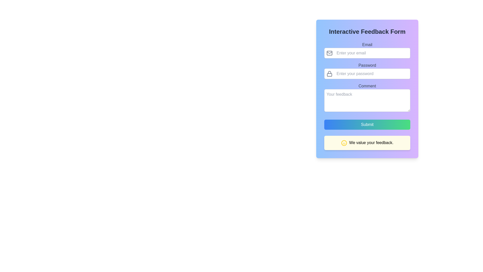  What do you see at coordinates (367, 65) in the screenshot?
I see `the 'Password' label text, which is displayed in gray color above the password input field in the interactive feedback form` at bounding box center [367, 65].